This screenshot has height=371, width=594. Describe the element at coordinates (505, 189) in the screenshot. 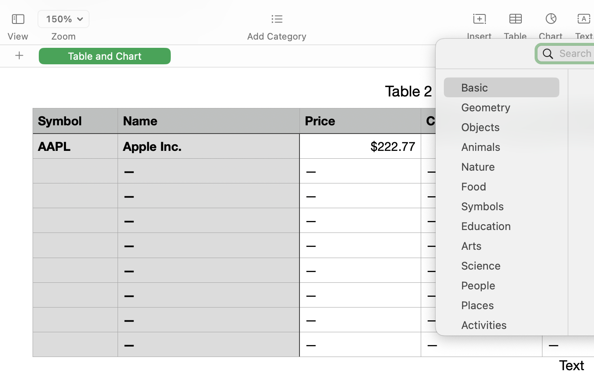

I see `'Food'` at that location.